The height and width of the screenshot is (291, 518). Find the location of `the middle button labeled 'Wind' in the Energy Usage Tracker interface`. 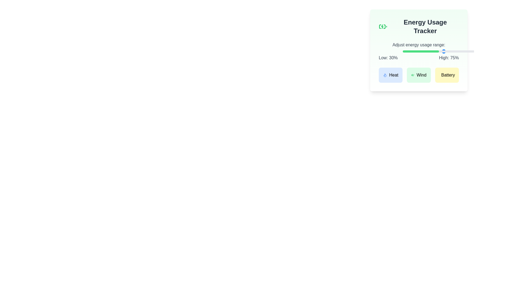

the middle button labeled 'Wind' in the Energy Usage Tracker interface is located at coordinates (418, 75).